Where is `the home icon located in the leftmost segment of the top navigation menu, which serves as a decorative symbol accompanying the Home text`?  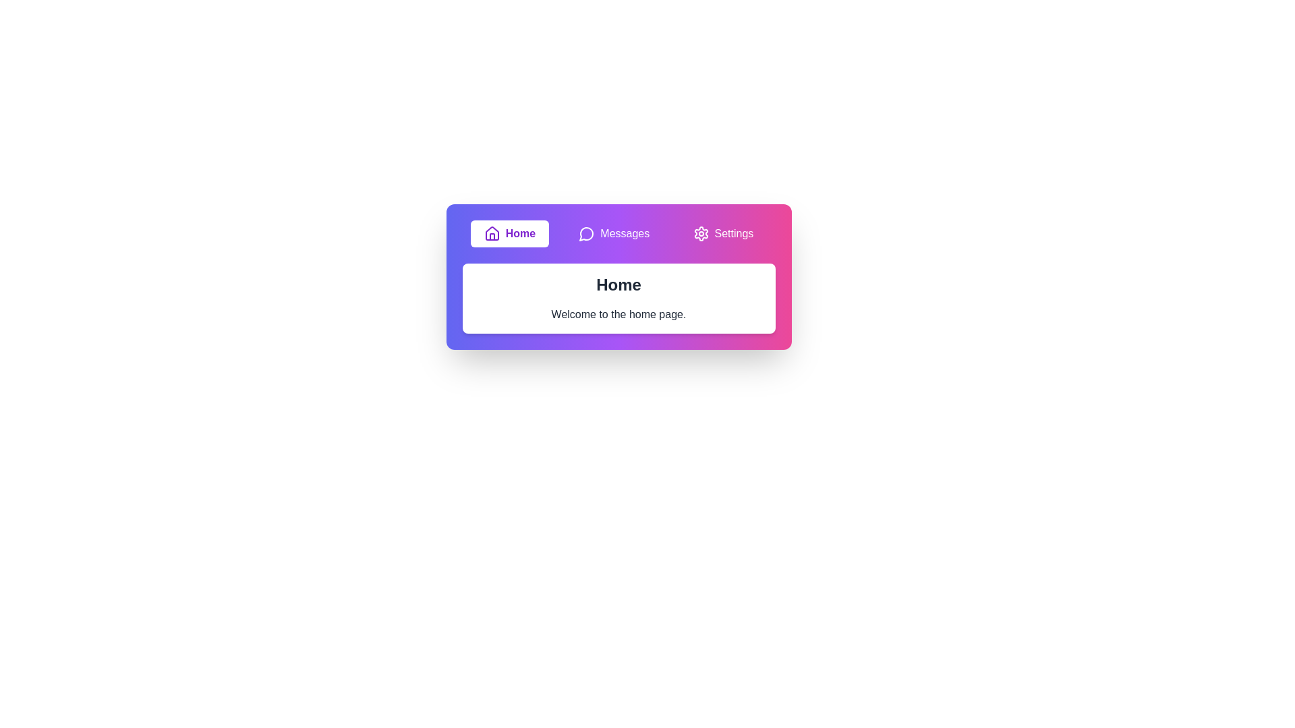 the home icon located in the leftmost segment of the top navigation menu, which serves as a decorative symbol accompanying the Home text is located at coordinates (491, 233).